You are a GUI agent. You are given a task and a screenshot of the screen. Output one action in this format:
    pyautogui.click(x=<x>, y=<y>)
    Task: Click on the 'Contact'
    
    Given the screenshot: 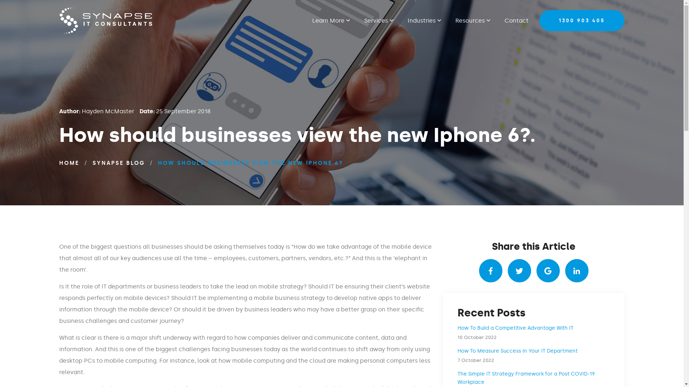 What is the action you would take?
    pyautogui.click(x=512, y=20)
    